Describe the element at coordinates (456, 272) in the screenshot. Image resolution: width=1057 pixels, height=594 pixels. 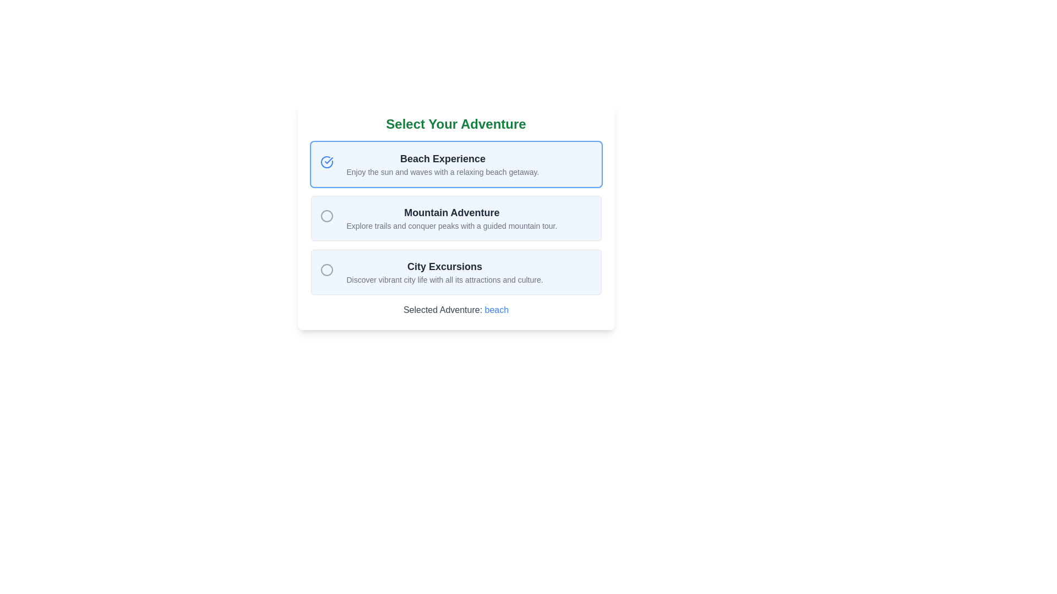
I see `the selectable card for 'City Excursions' located below the 'Mountain Adventure' card in the list of activities under 'Select Your Adventure.'` at that location.